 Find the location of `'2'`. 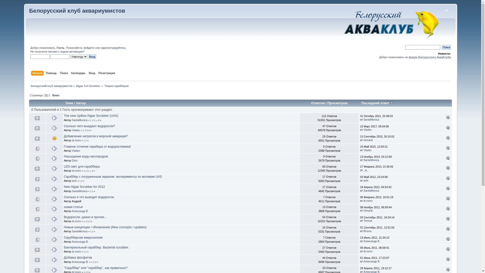

'2' is located at coordinates (85, 130).